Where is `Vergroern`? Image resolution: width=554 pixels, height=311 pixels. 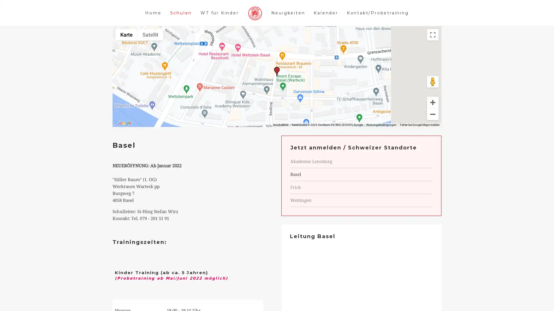 Vergroern is located at coordinates (433, 111).